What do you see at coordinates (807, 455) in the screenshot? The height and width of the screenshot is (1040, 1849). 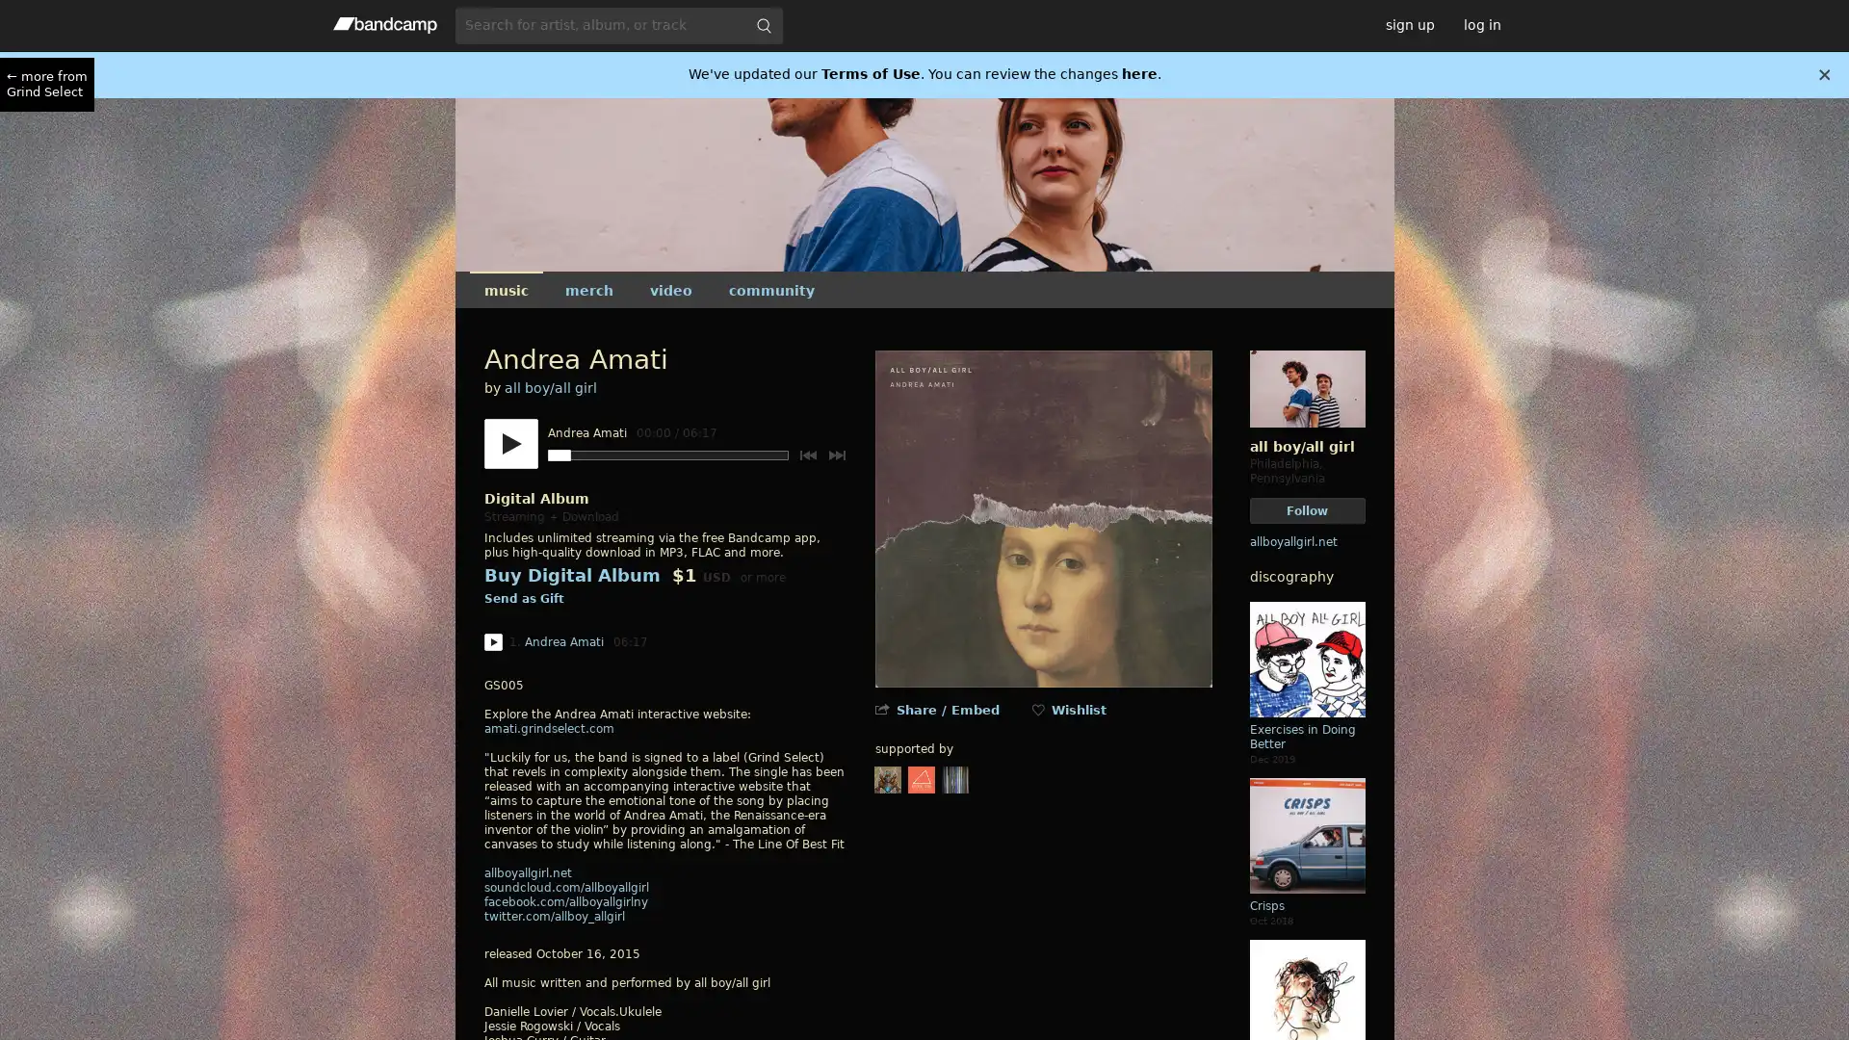 I see `Previous track` at bounding box center [807, 455].